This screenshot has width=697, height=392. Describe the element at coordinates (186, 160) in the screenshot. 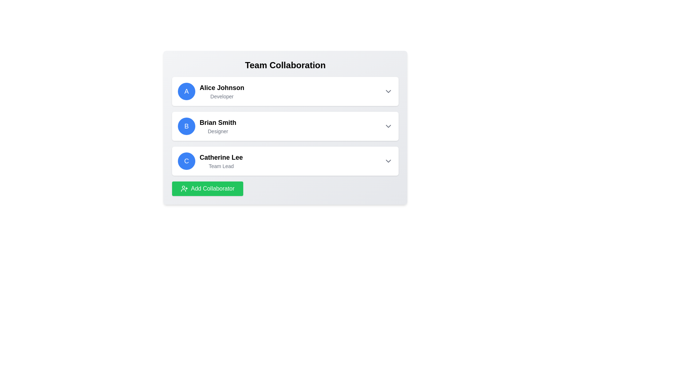

I see `the avatar icon representing user 'Catherine Lee', which is located to the left of her name and title in the 'Team Collaboration' card` at that location.